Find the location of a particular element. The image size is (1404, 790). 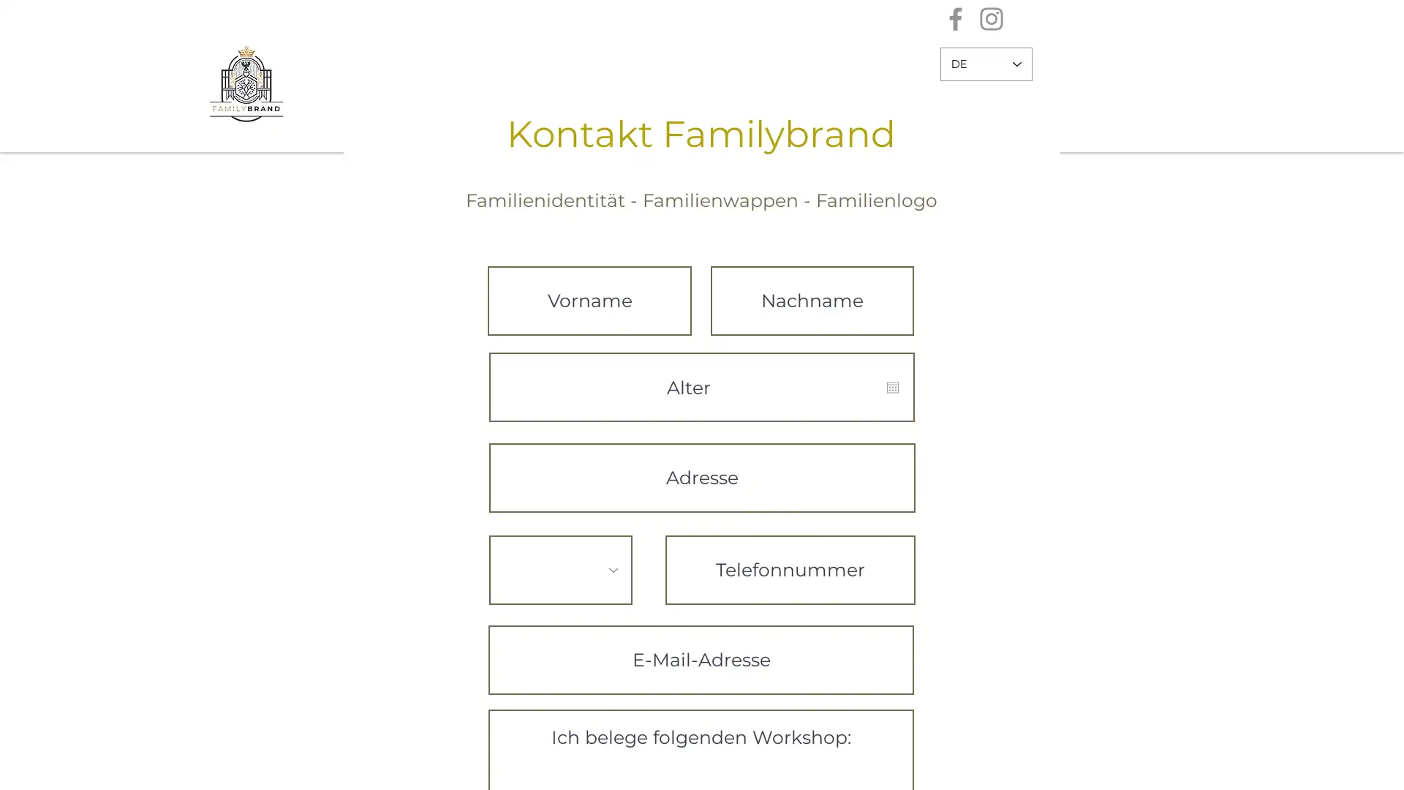

Schlieen is located at coordinates (1386, 766).